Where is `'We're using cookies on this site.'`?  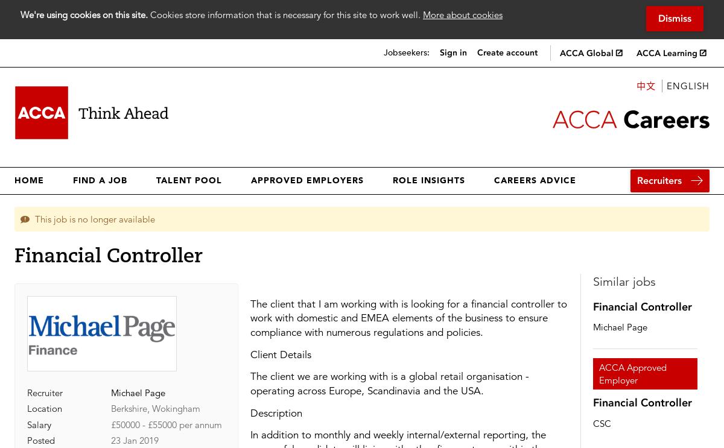
'We're using cookies on this site.' is located at coordinates (84, 14).